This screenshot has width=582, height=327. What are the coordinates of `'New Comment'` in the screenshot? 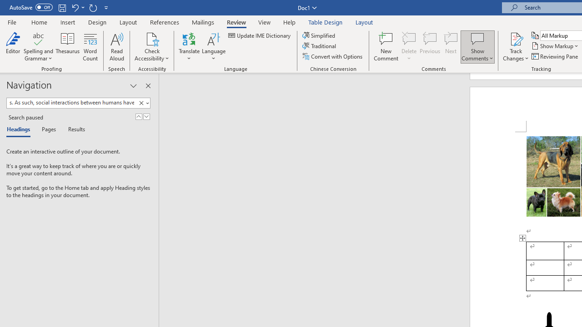 It's located at (386, 47).